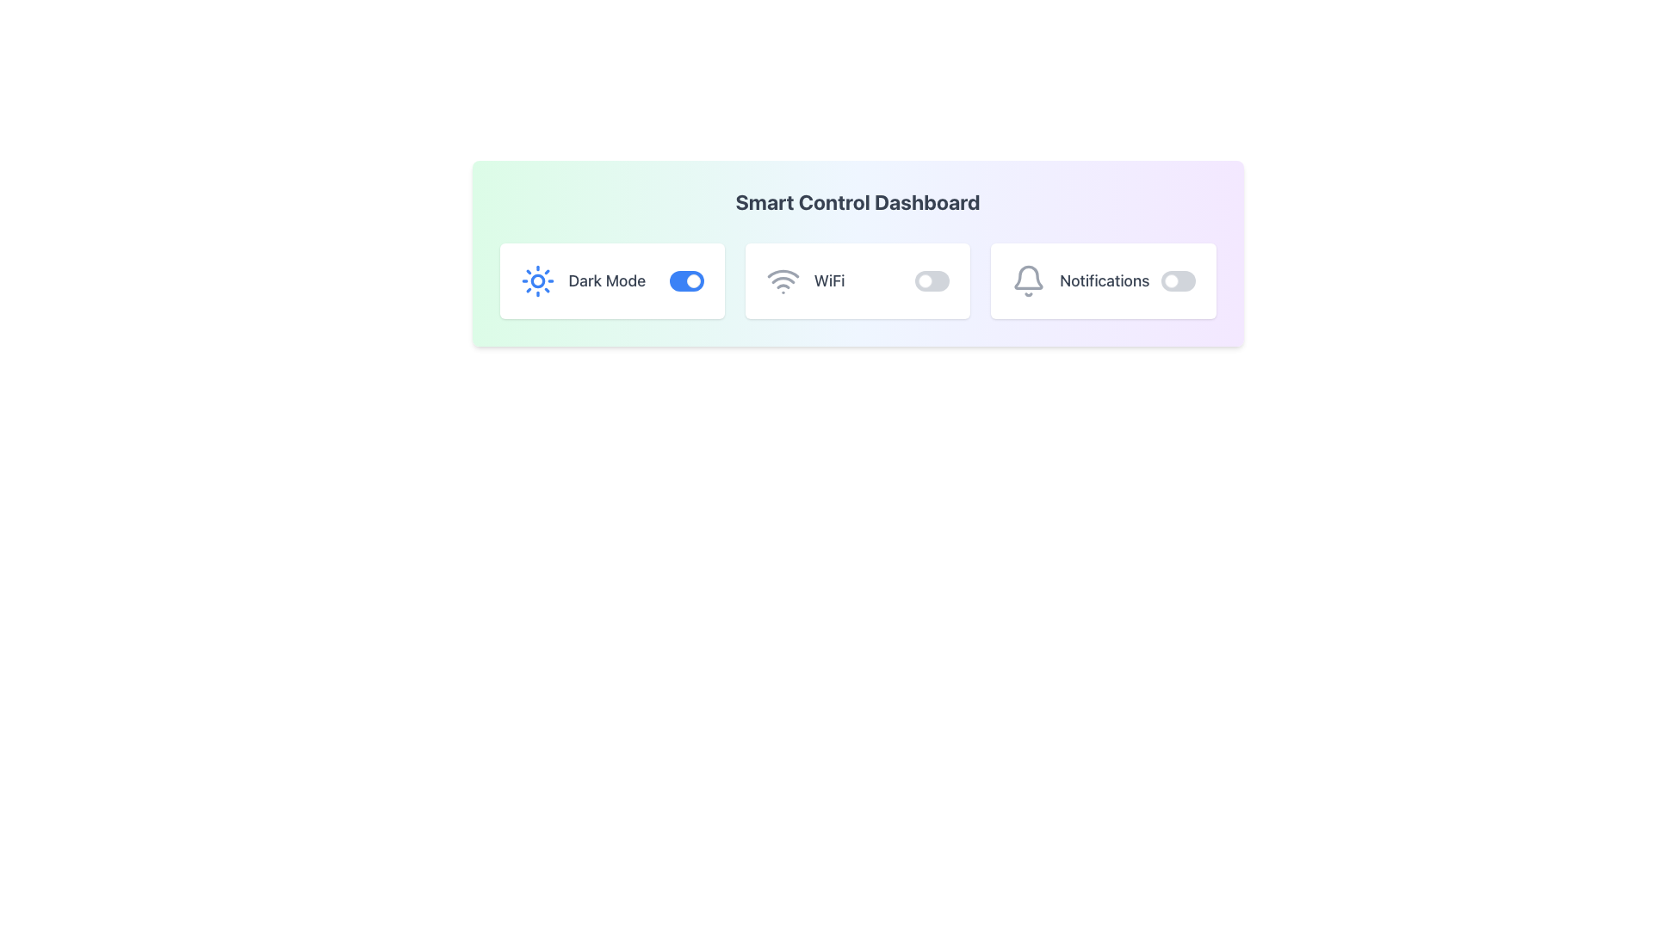  I want to click on the upper portion of the bell icon representing the notifications feature, located to the far right of the dashboard controls, so click(1029, 276).